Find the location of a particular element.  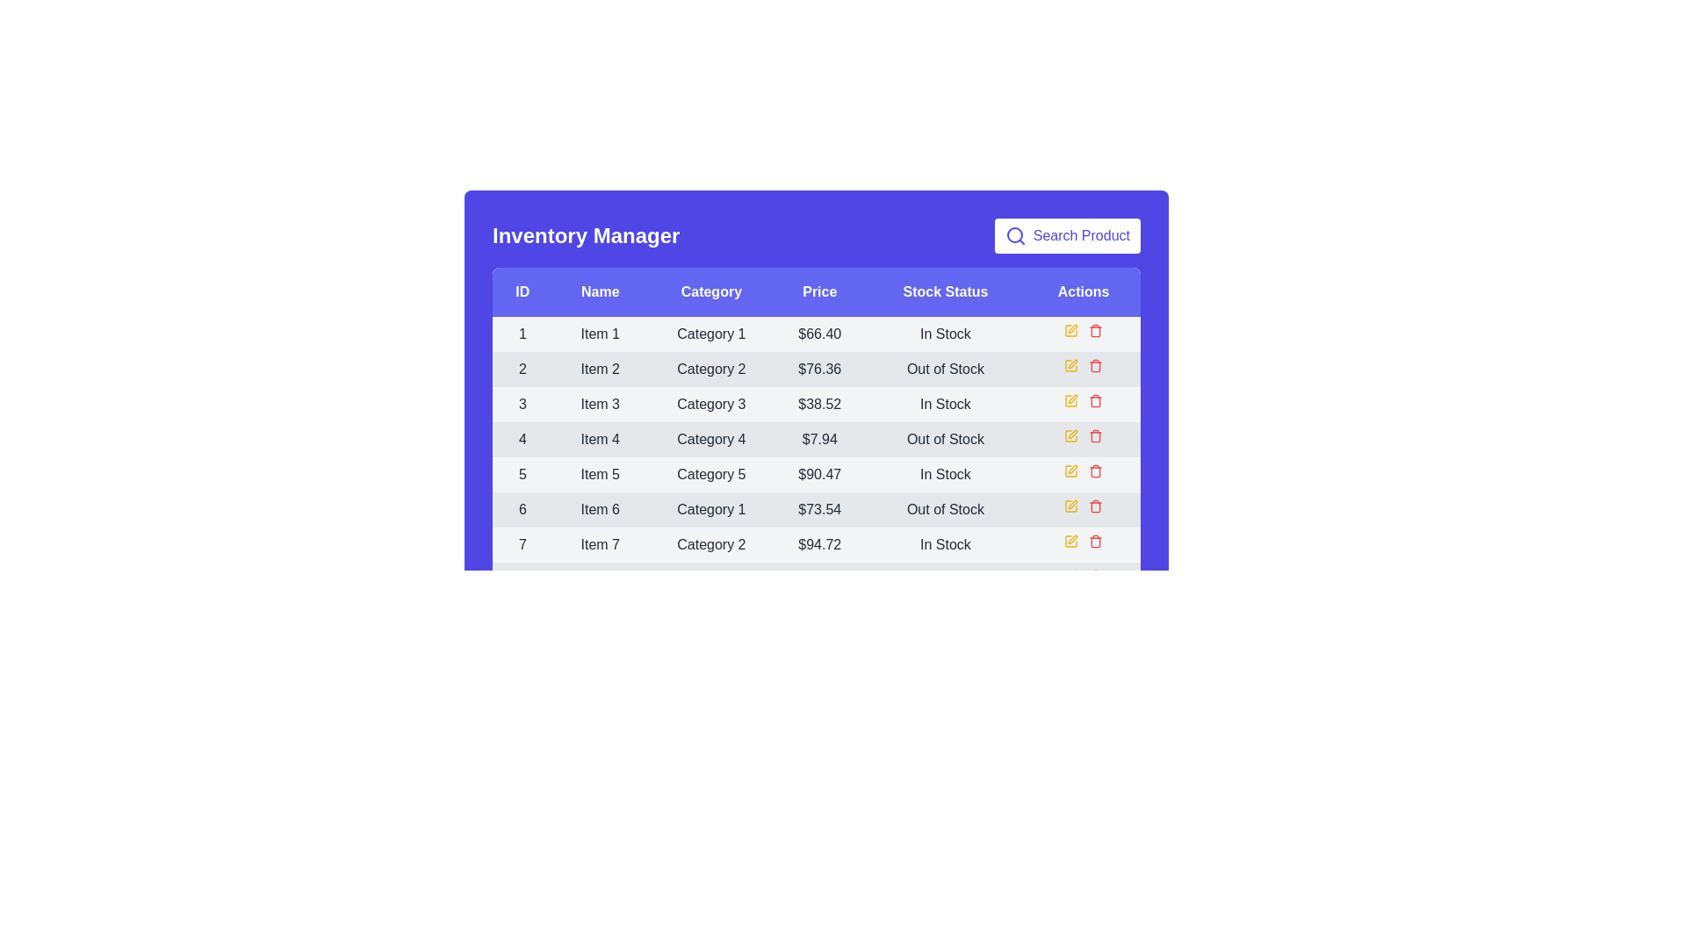

the column header Category to sort the table by that column is located at coordinates (711, 291).